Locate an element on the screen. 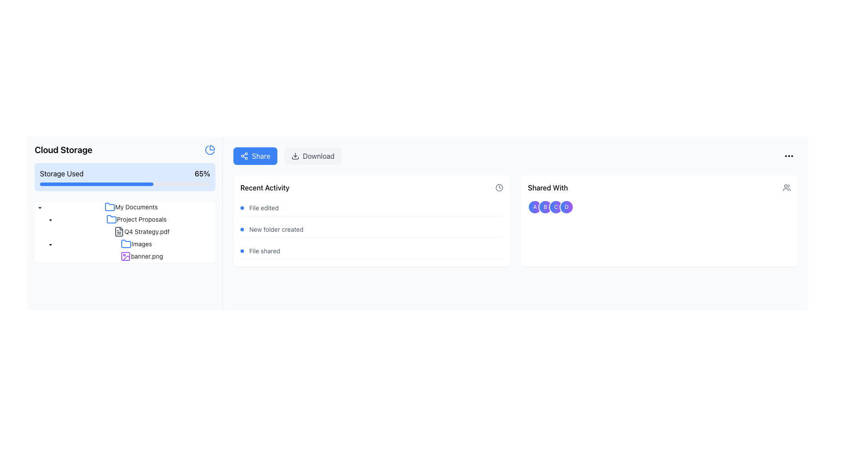 Image resolution: width=844 pixels, height=475 pixels. visually the user represented is located at coordinates (535, 207).